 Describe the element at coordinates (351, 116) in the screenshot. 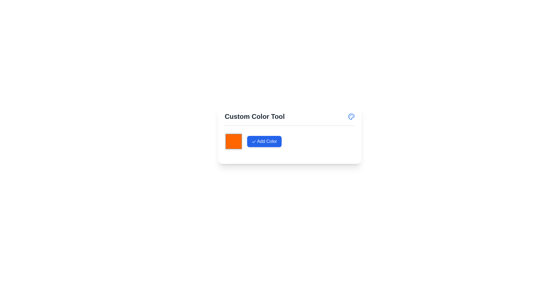

I see `the palette icon, which is depicted with a circular outline and multiple circular shapes in blue color, located at the far right of the 'Custom Color Tool' title text` at that location.